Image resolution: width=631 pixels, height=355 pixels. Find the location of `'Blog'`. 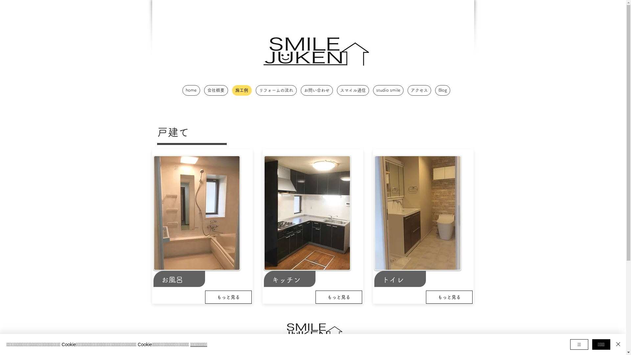

'Blog' is located at coordinates (435, 90).